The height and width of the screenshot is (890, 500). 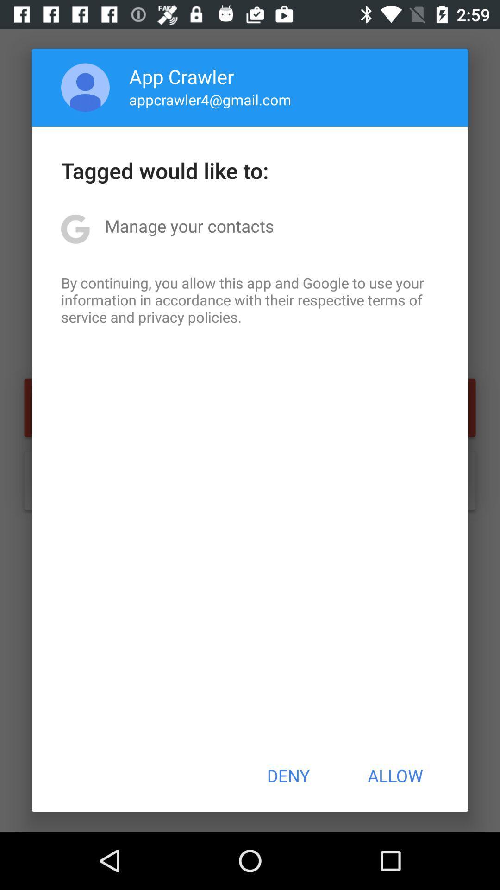 I want to click on icon above the appcrawler4@gmail.com app, so click(x=181, y=76).